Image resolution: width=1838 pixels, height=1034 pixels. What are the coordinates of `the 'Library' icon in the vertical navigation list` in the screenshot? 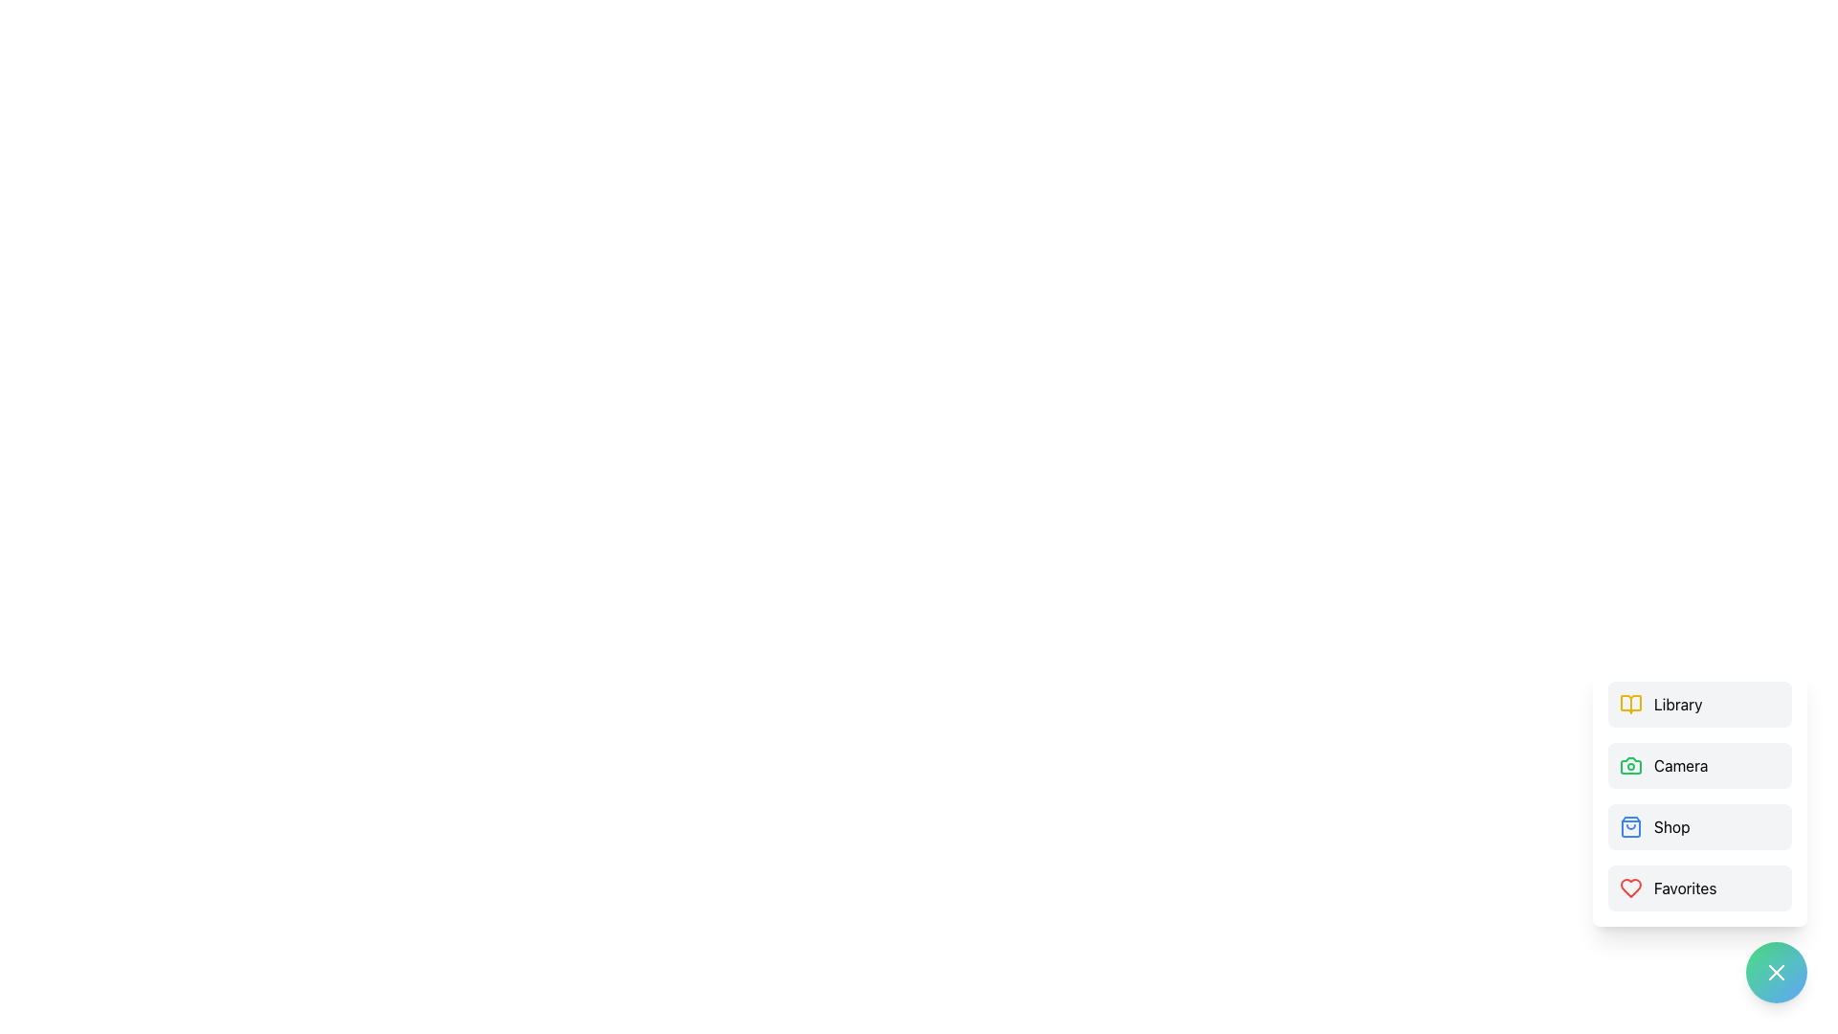 It's located at (1630, 705).